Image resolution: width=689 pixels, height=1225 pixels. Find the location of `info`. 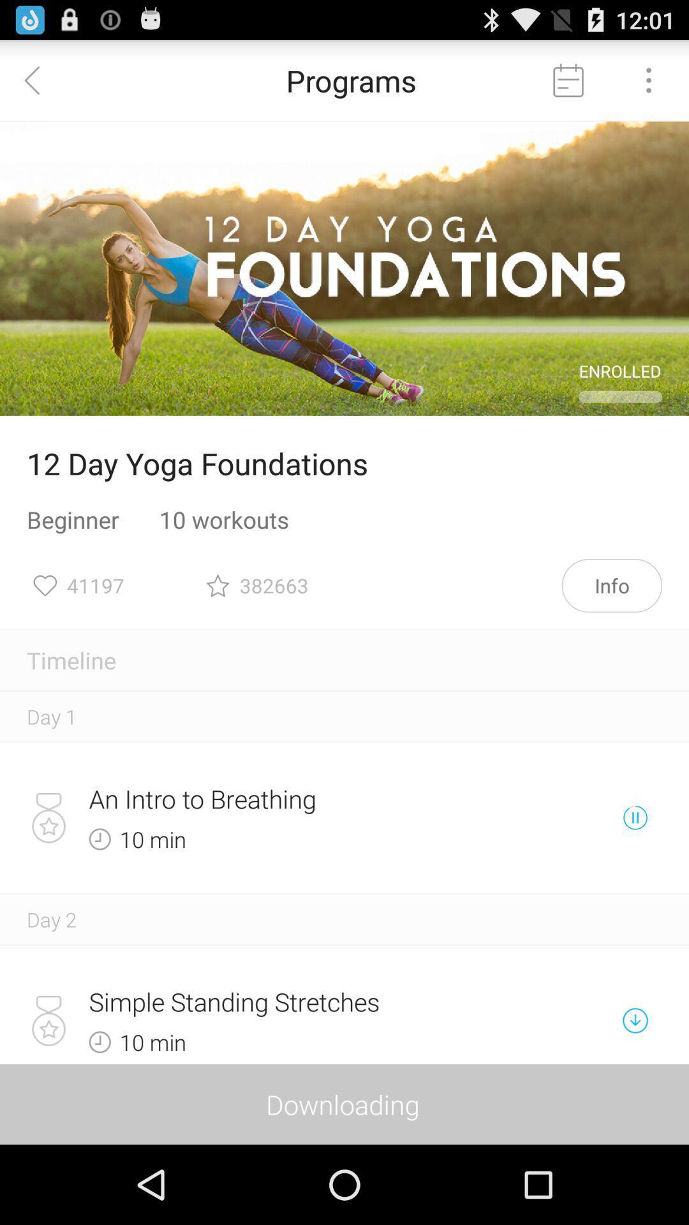

info is located at coordinates (611, 584).